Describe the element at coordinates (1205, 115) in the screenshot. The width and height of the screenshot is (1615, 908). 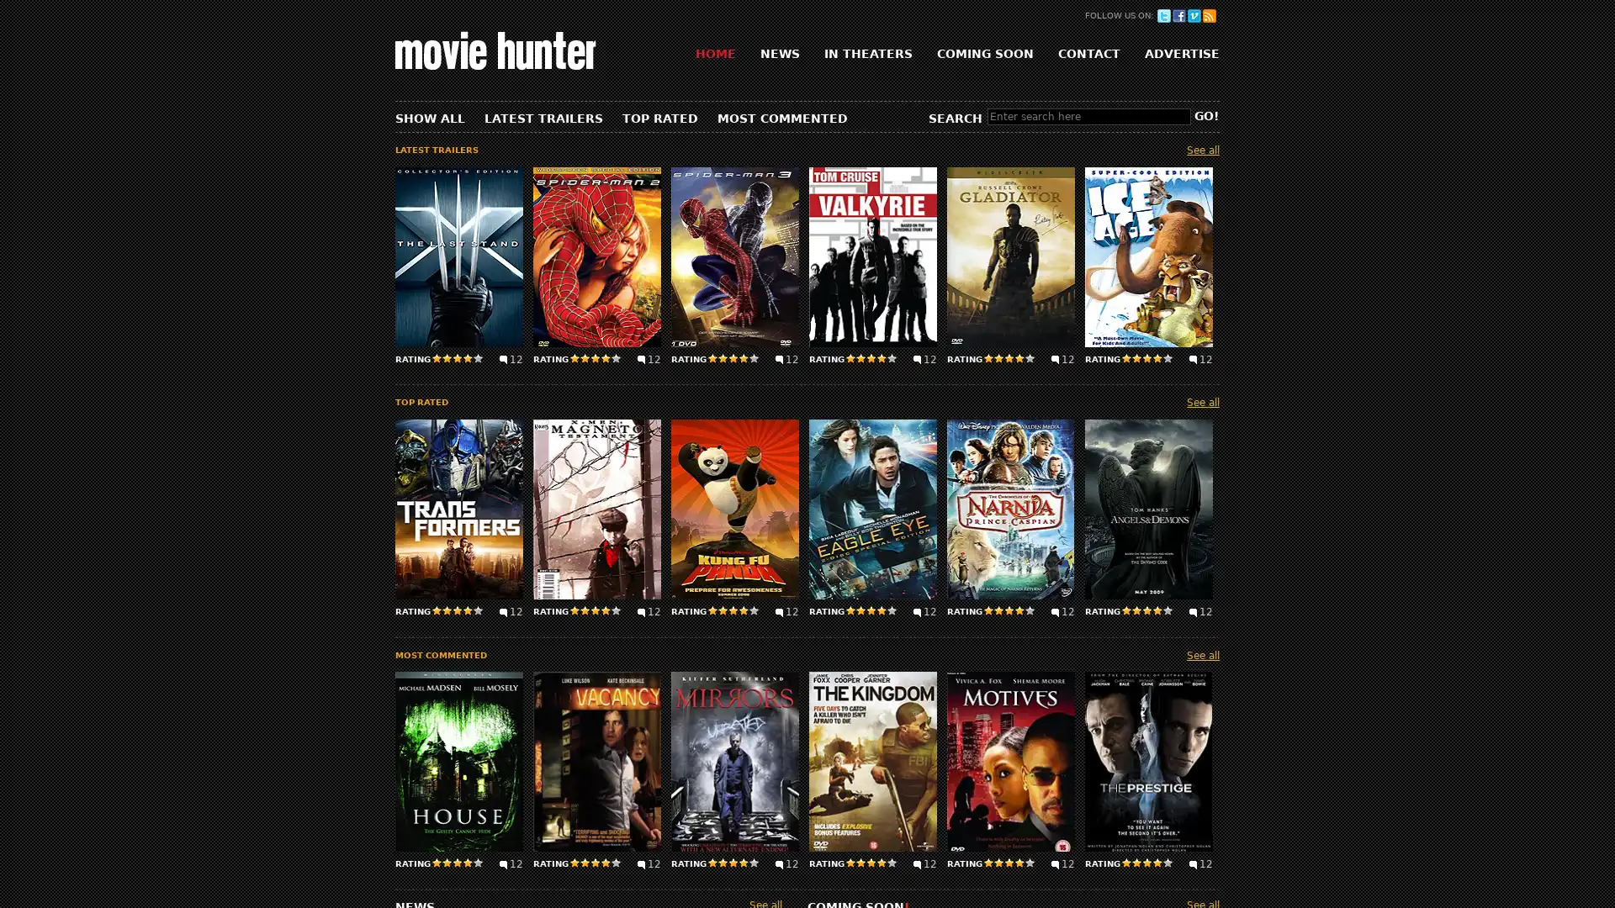
I see `GO!` at that location.